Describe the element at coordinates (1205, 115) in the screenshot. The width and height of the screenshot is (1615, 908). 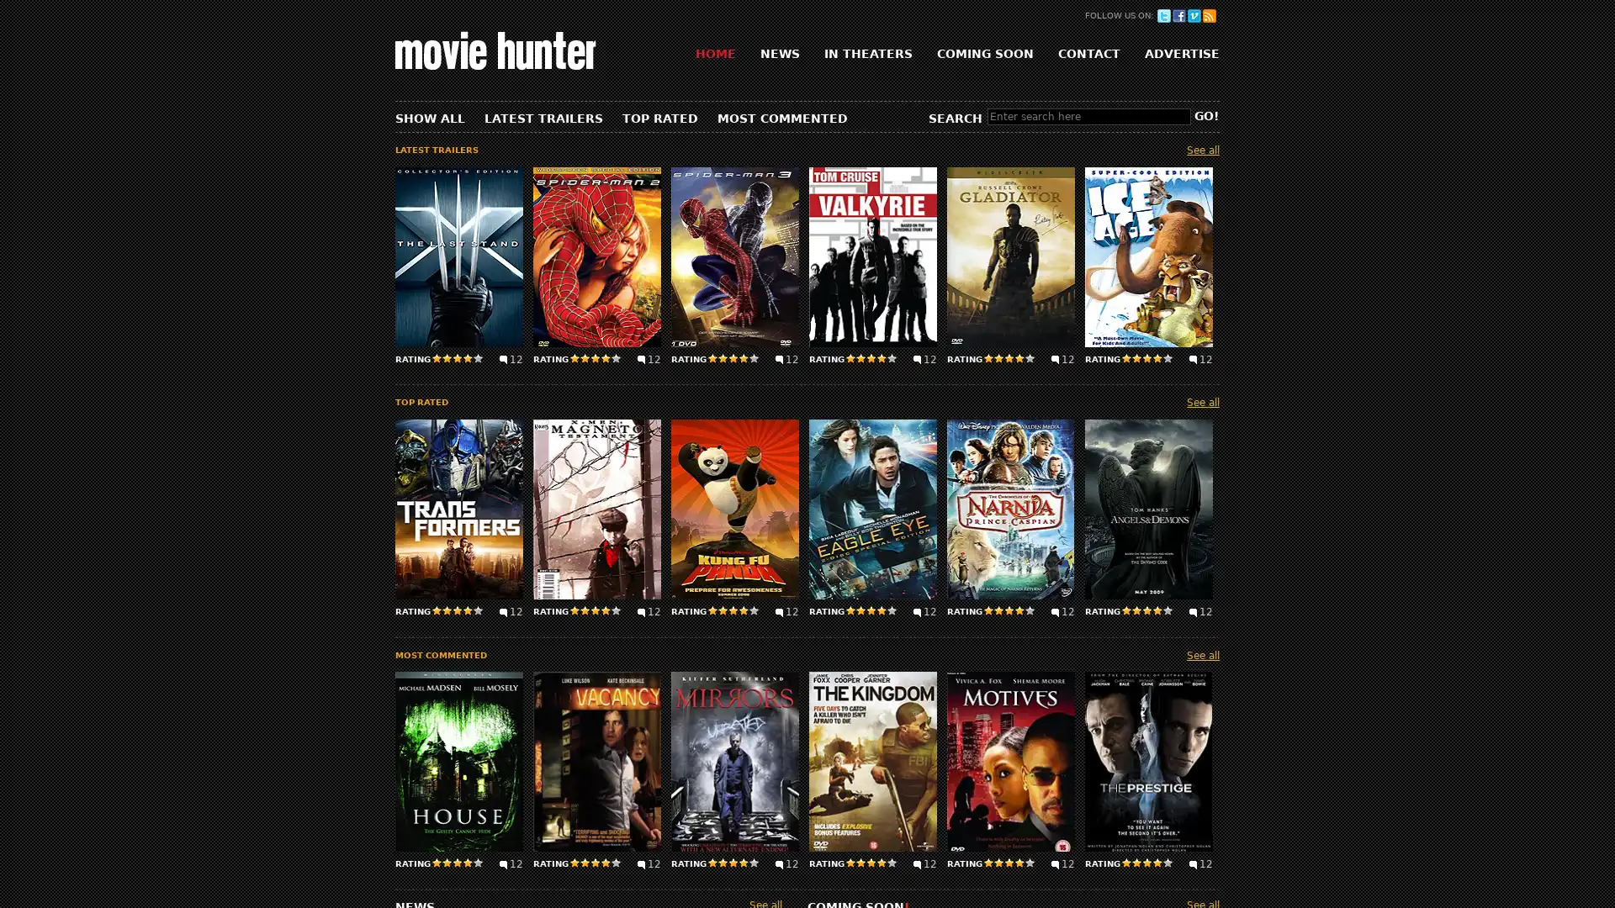
I see `GO!` at that location.